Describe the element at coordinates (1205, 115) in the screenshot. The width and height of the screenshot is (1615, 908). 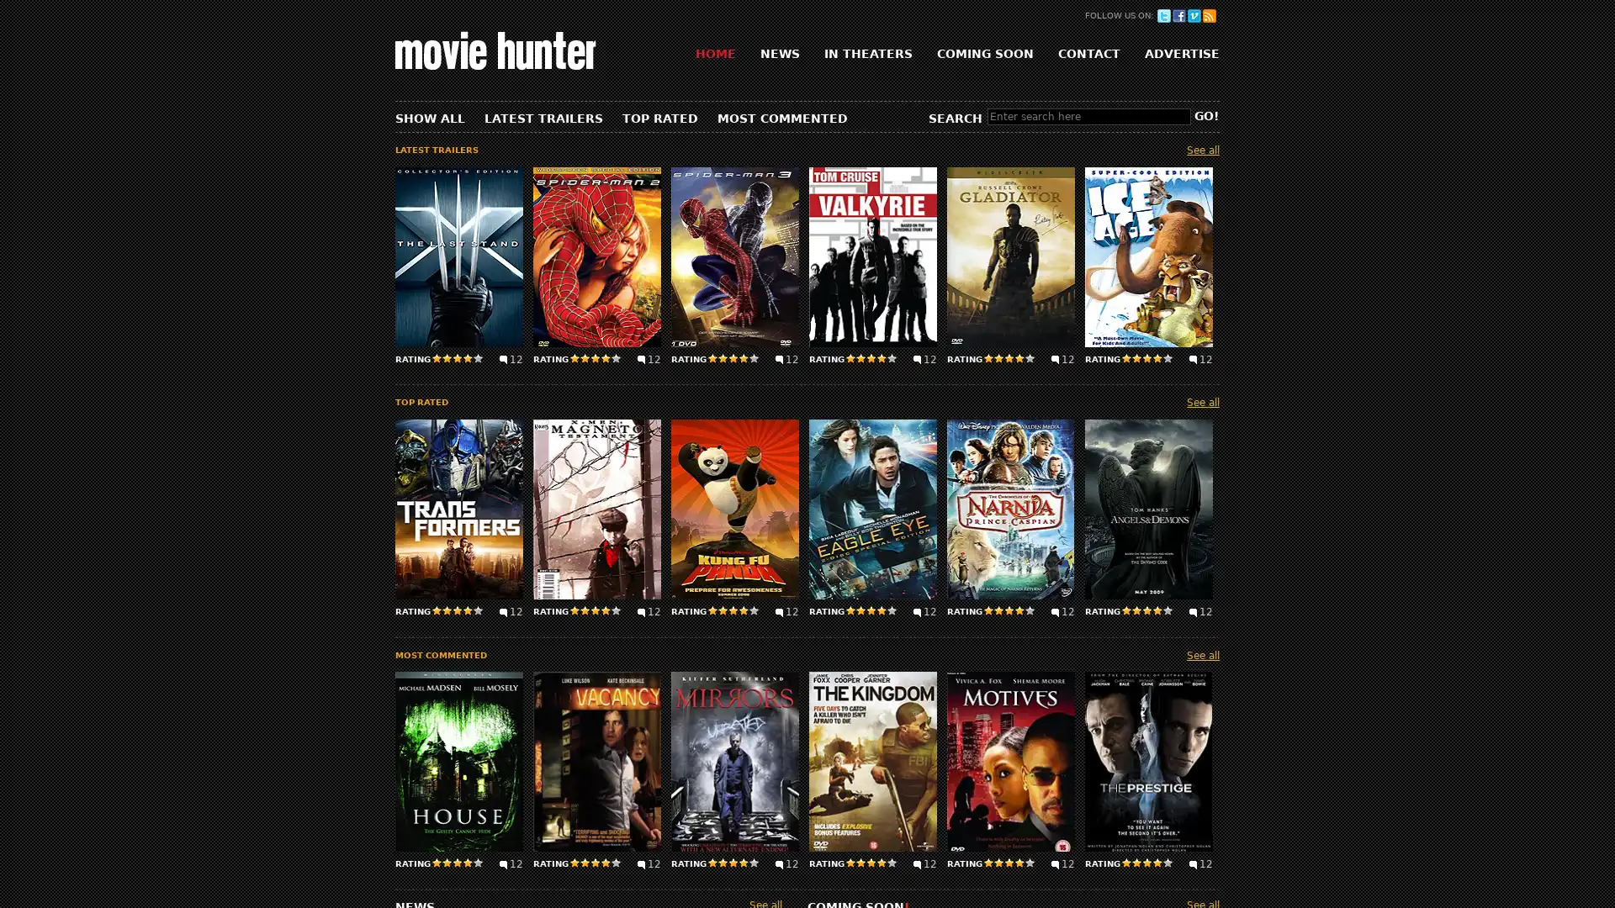
I see `GO!` at that location.